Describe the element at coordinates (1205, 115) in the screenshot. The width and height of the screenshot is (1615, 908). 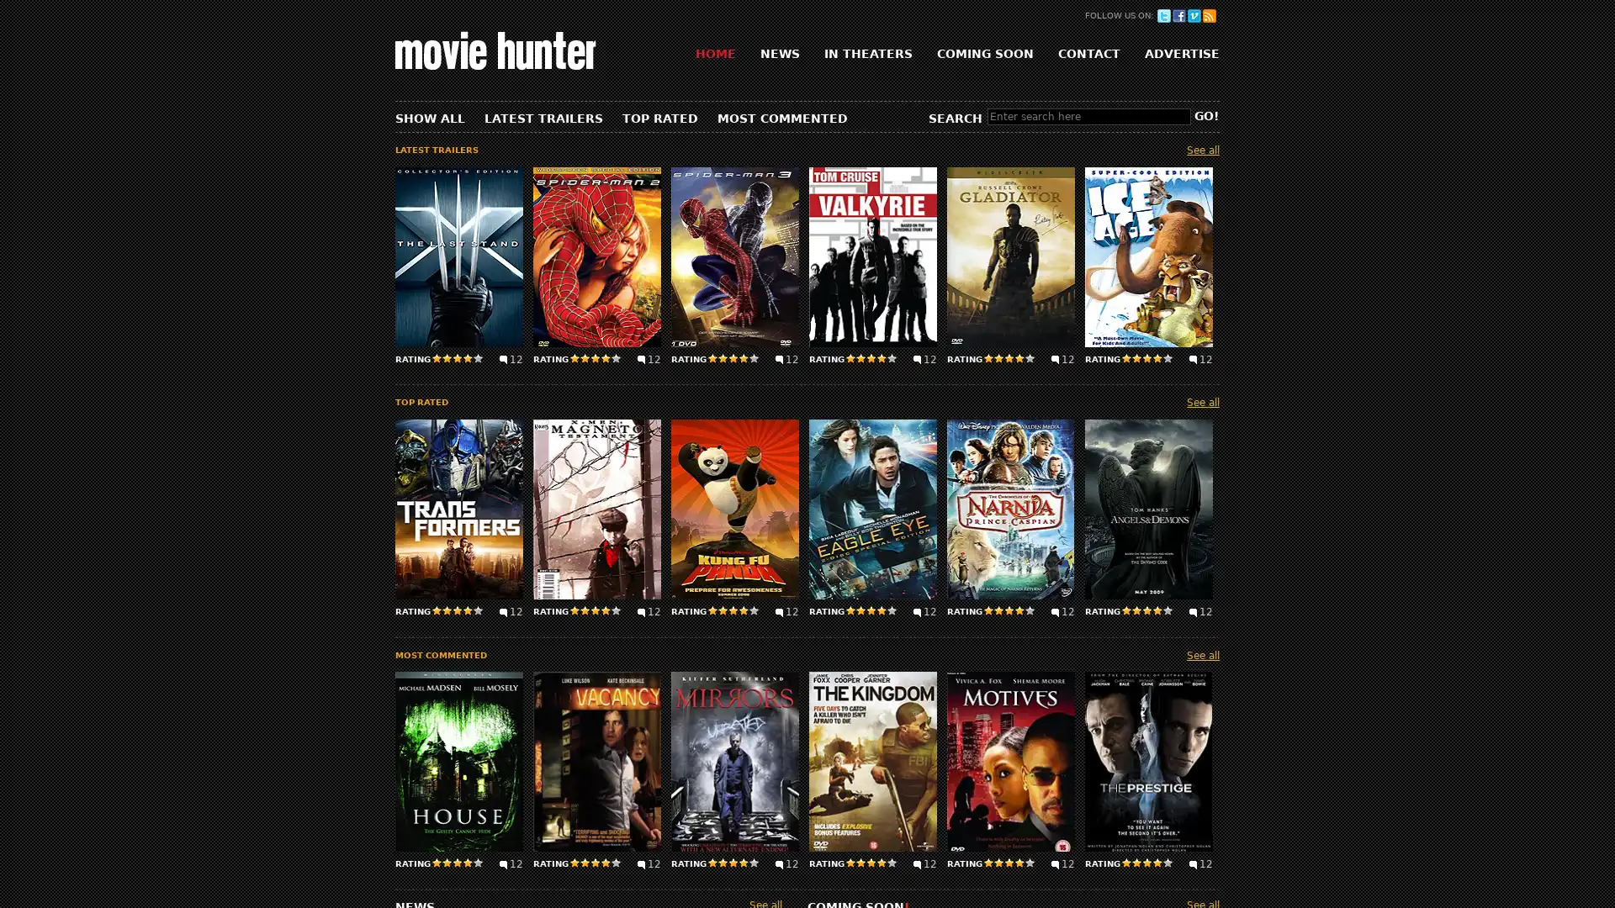
I see `GO!` at that location.